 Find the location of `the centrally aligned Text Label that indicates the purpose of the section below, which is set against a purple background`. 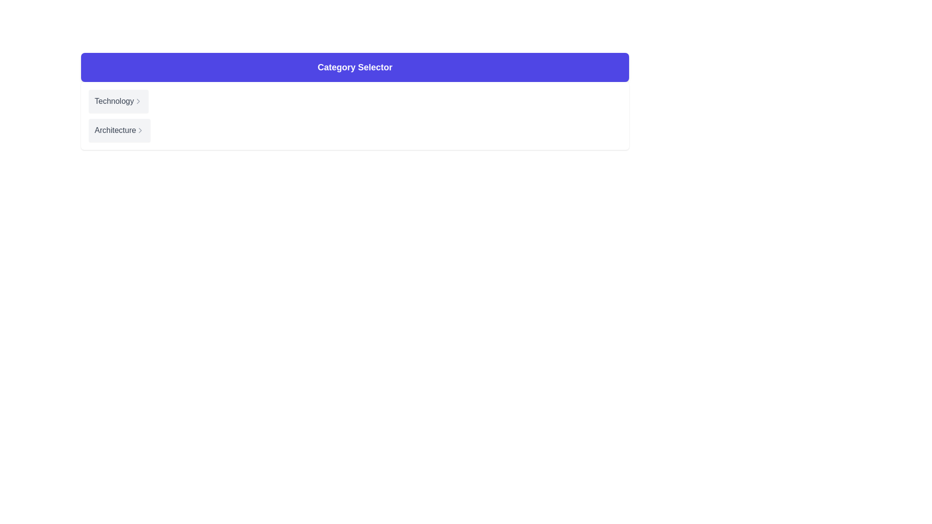

the centrally aligned Text Label that indicates the purpose of the section below, which is set against a purple background is located at coordinates (354, 66).